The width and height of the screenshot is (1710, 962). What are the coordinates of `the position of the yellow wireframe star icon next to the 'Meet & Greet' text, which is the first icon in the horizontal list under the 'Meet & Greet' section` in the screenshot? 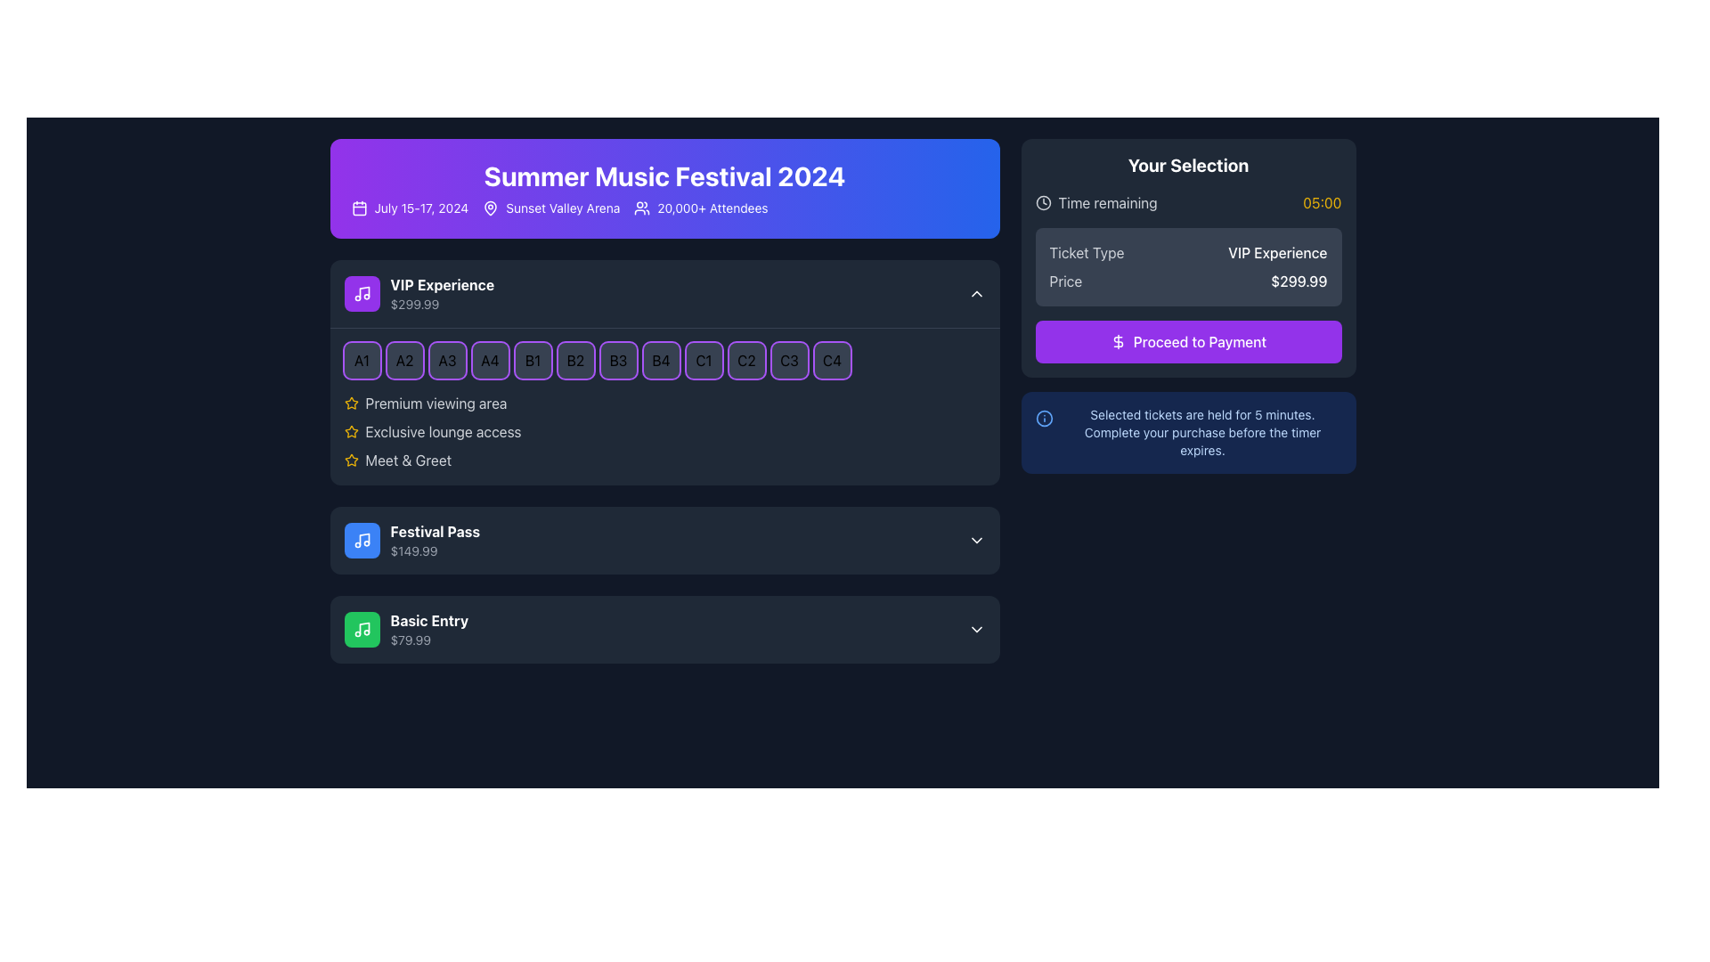 It's located at (351, 459).